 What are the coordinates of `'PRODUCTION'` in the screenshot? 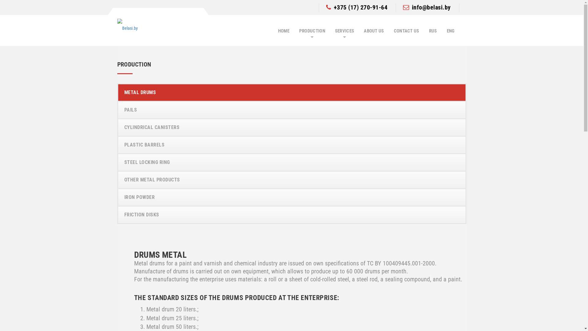 It's located at (312, 31).